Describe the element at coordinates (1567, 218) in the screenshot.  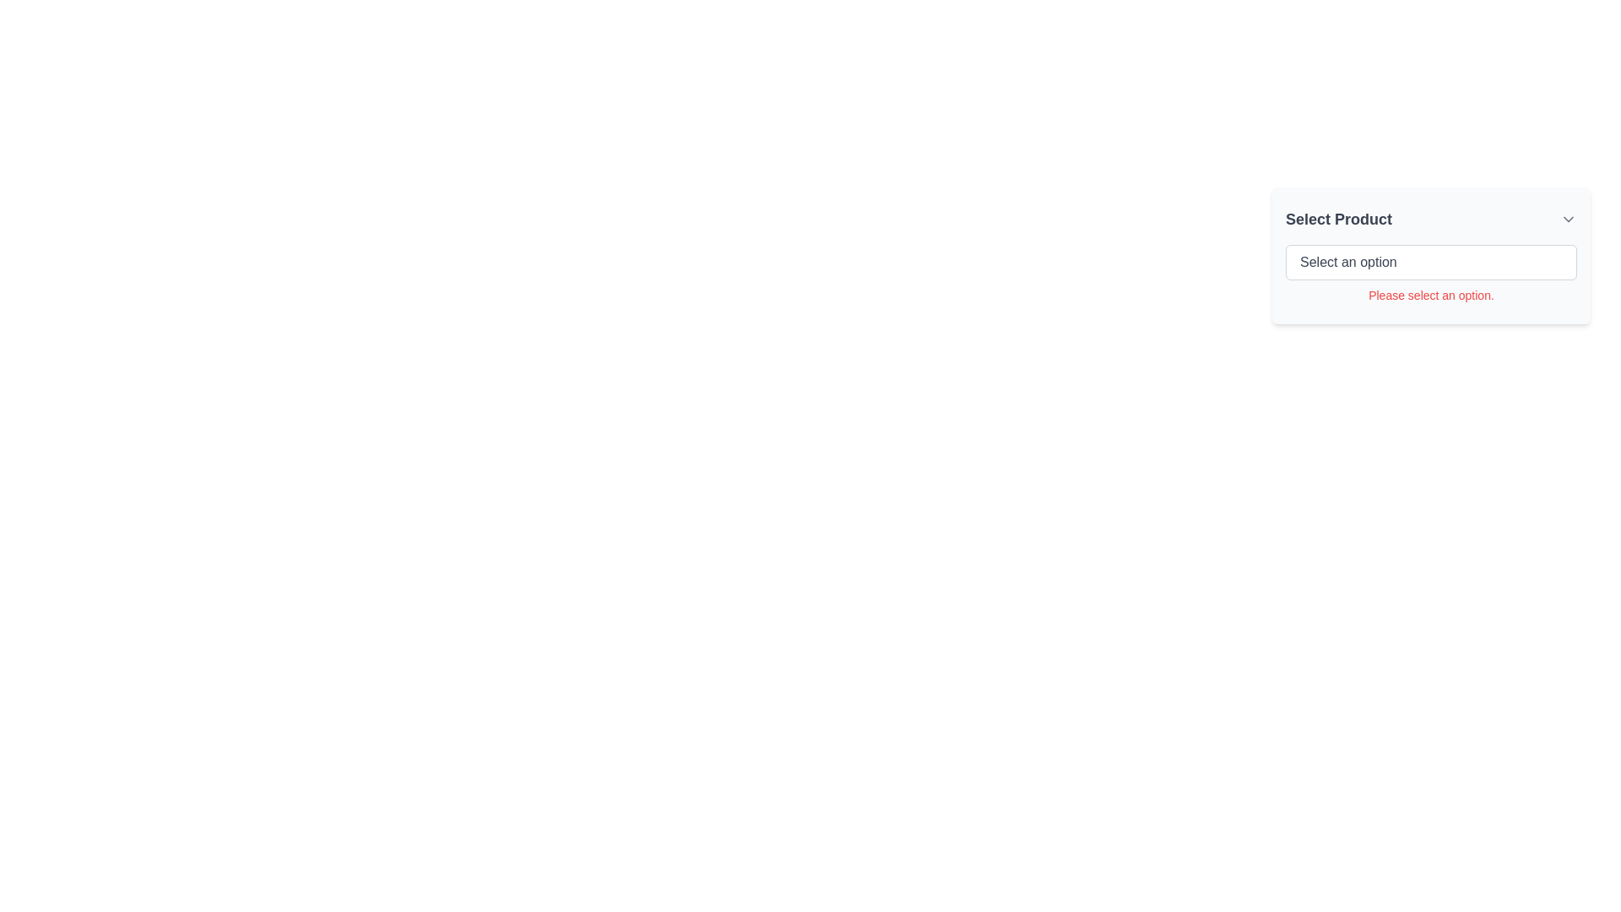
I see `the downward pointing chevron icon, which is gray and located to the far right of the 'Select Product' label` at that location.